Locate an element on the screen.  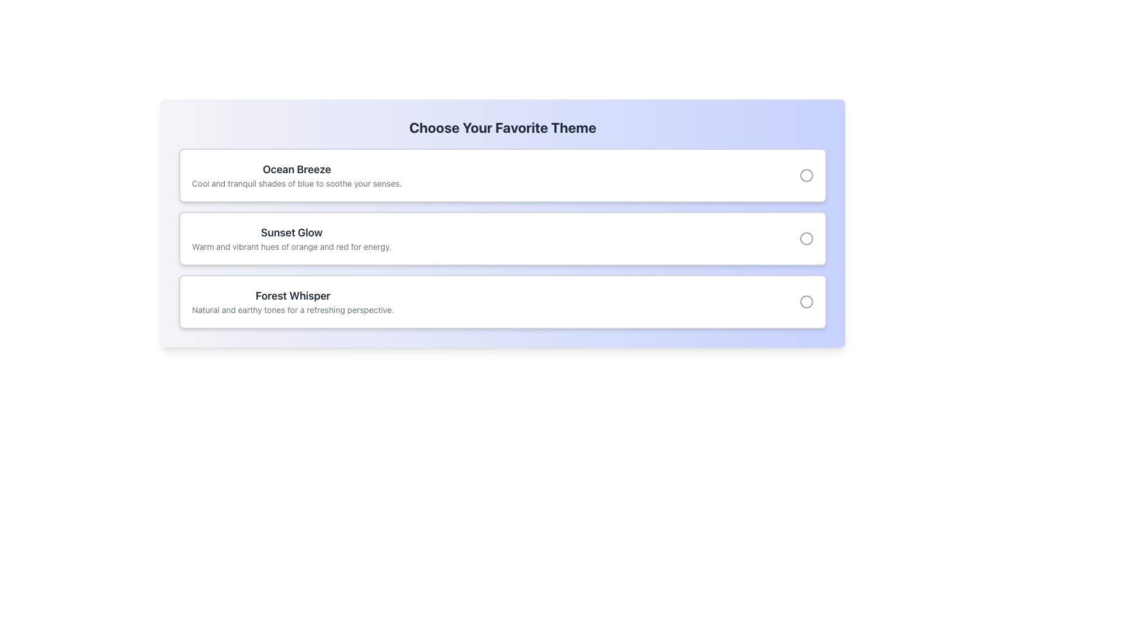
small SVG circle indicator located to the right of the 'Forest Whisper' text, which is aligned with the third option under 'Choose Your Favorite Theme' is located at coordinates (806, 301).